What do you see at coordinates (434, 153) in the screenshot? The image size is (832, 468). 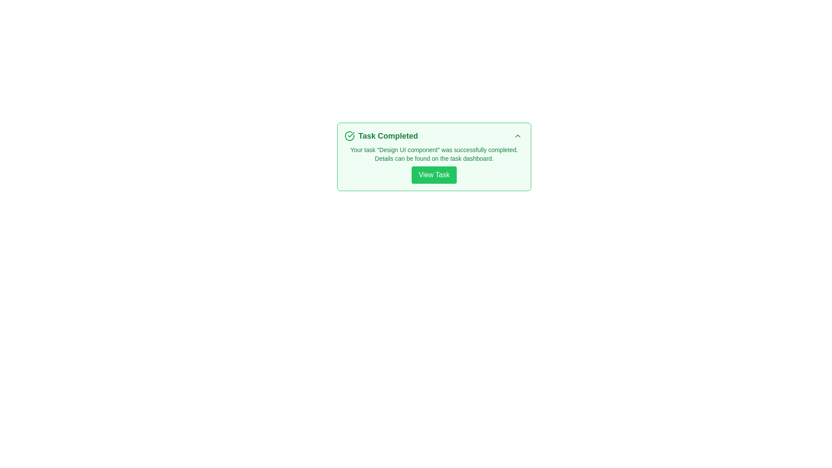 I see `the informational text block that indicates successful task completion, which is centrally aligned within a light green notification box, positioned above the 'View Task' button` at bounding box center [434, 153].